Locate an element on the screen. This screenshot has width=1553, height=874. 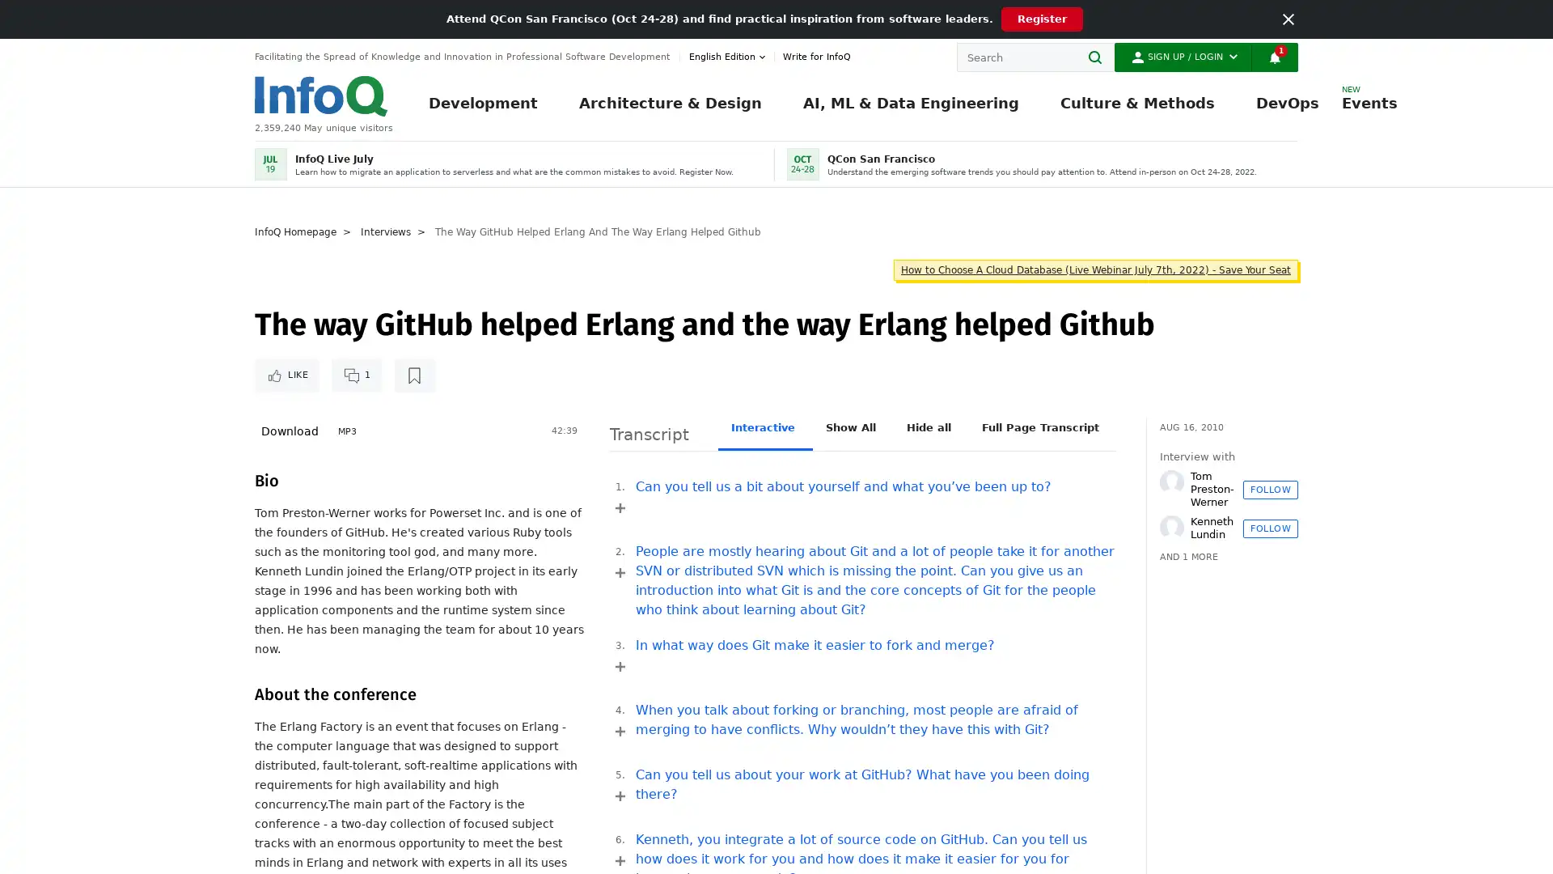
Search is located at coordinates (1099, 56).